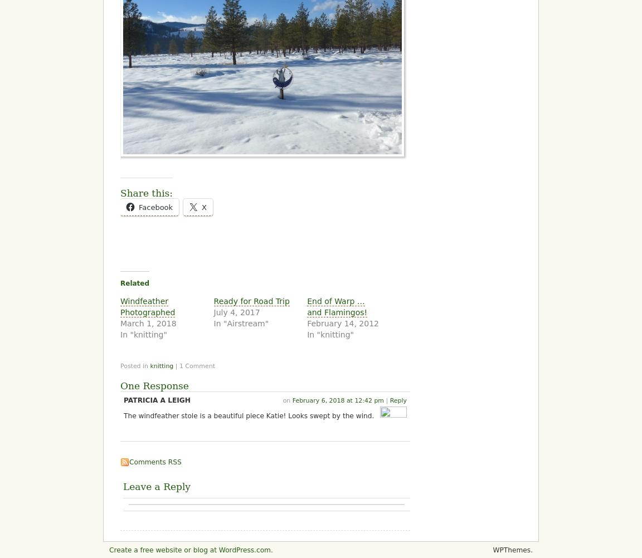 The image size is (642, 558). Describe the element at coordinates (157, 400) in the screenshot. I see `'PATRICIA A LEIGH'` at that location.